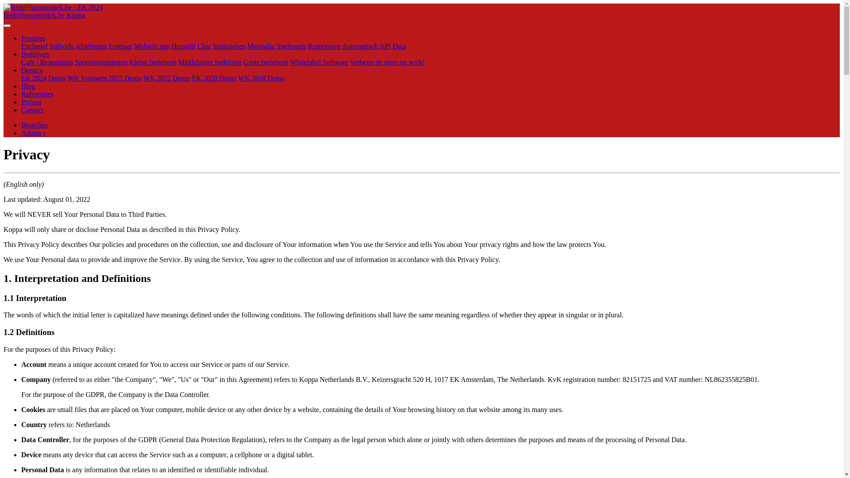 The image size is (850, 478). What do you see at coordinates (191, 77) in the screenshot?
I see `'EK 2020 Demo'` at bounding box center [191, 77].